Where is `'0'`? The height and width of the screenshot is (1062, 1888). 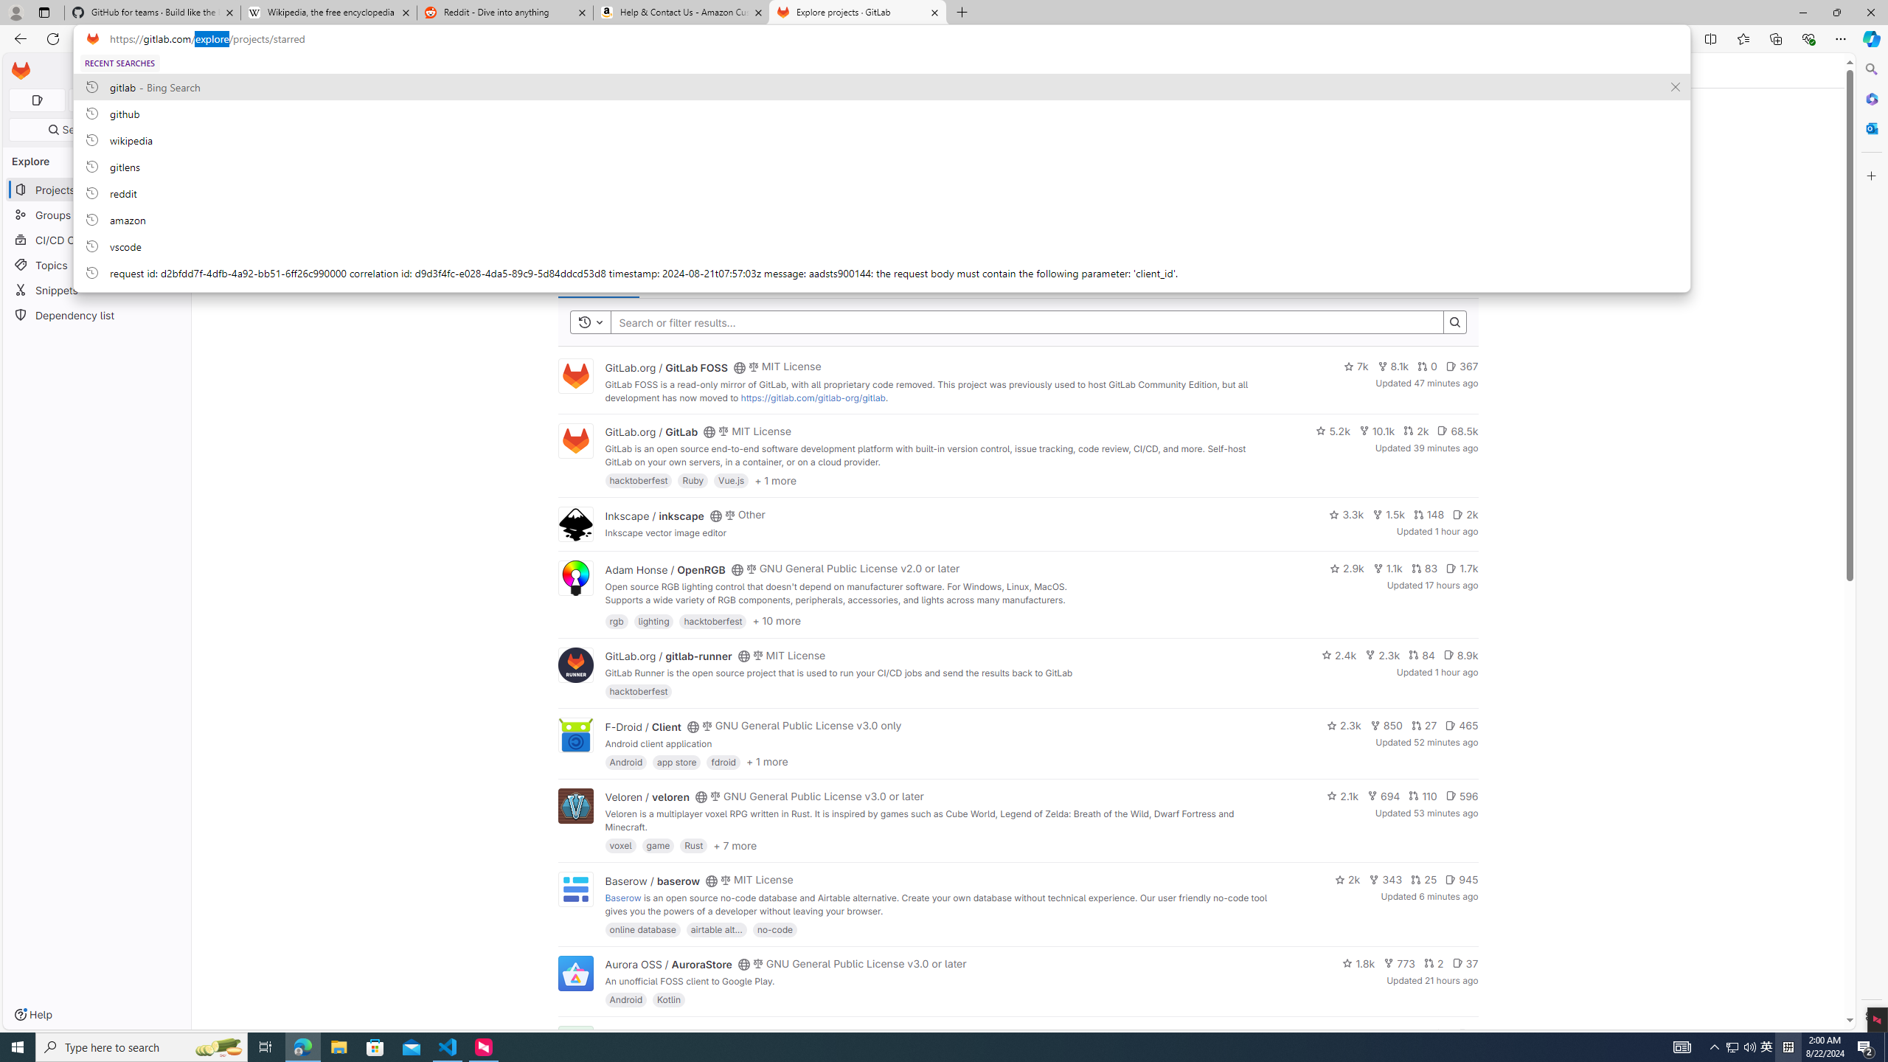
'0' is located at coordinates (1427, 367).